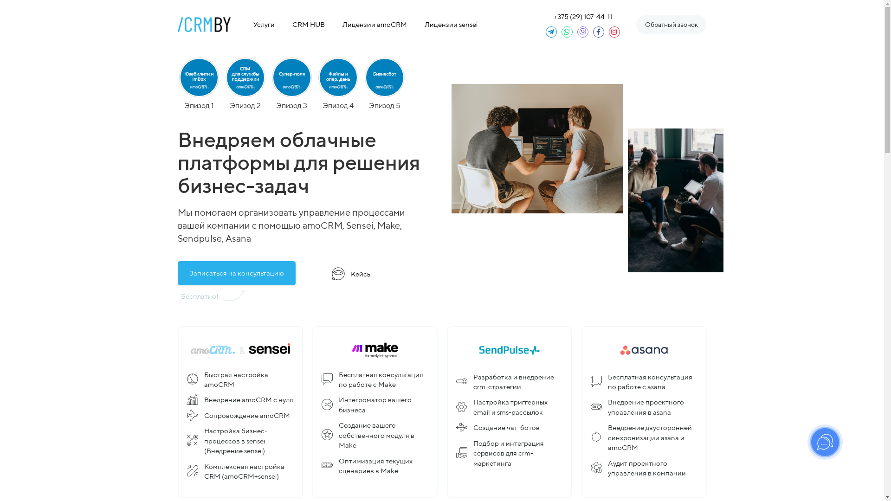  Describe the element at coordinates (286, 24) in the screenshot. I see `'CRM HUB'` at that location.